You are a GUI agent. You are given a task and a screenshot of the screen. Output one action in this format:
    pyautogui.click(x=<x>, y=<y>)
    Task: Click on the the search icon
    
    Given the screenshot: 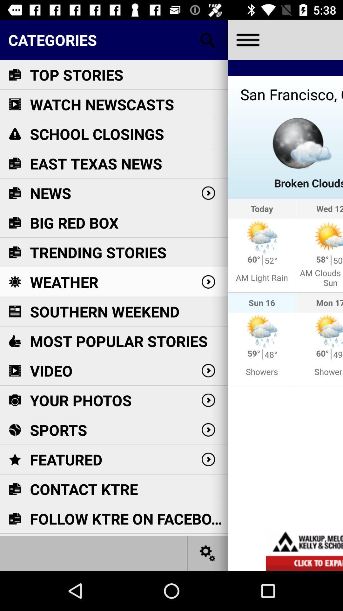 What is the action you would take?
    pyautogui.click(x=208, y=39)
    